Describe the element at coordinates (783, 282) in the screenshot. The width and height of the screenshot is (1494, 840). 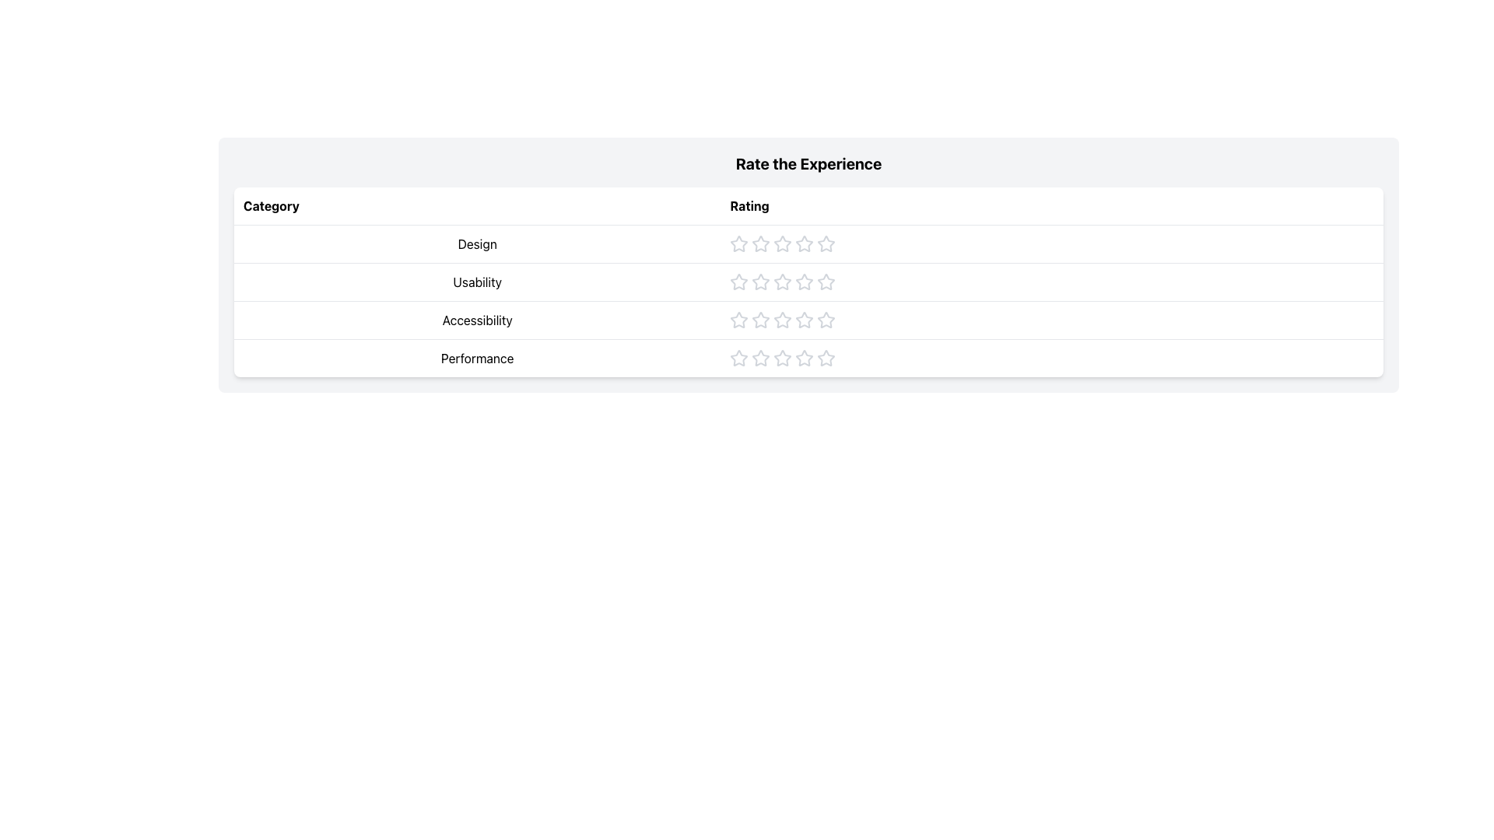
I see `the fifth star-shaped icon in the Usability rating interface` at that location.